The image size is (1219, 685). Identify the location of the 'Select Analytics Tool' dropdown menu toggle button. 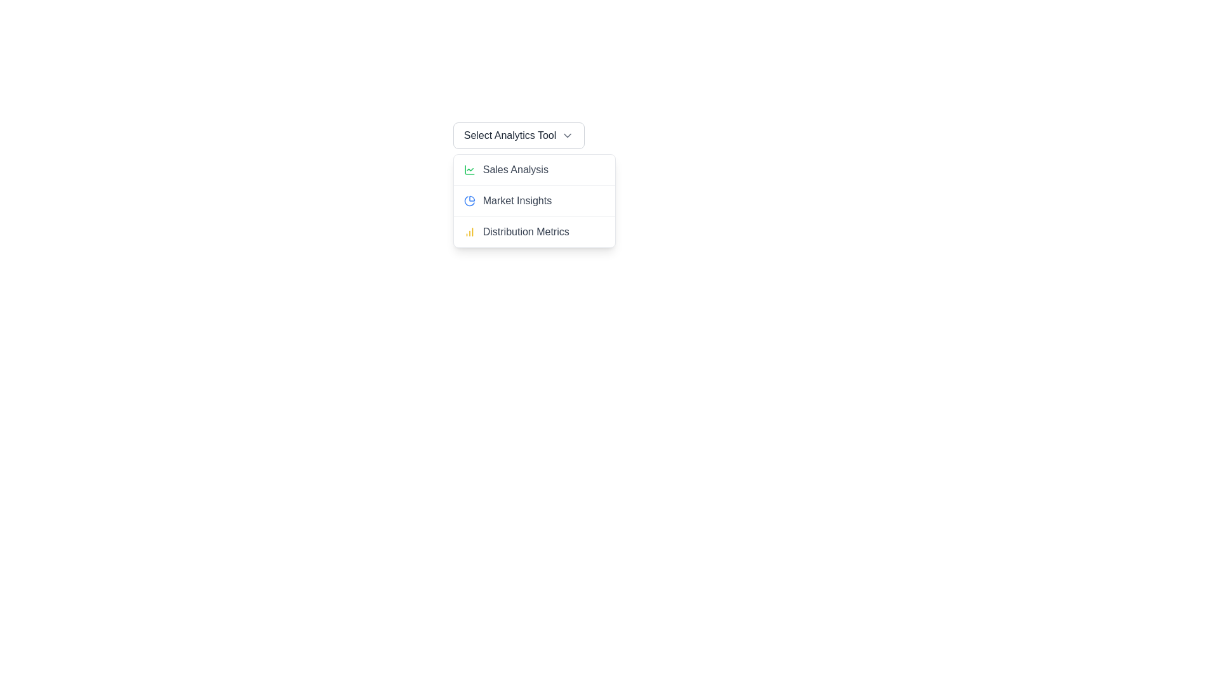
(519, 135).